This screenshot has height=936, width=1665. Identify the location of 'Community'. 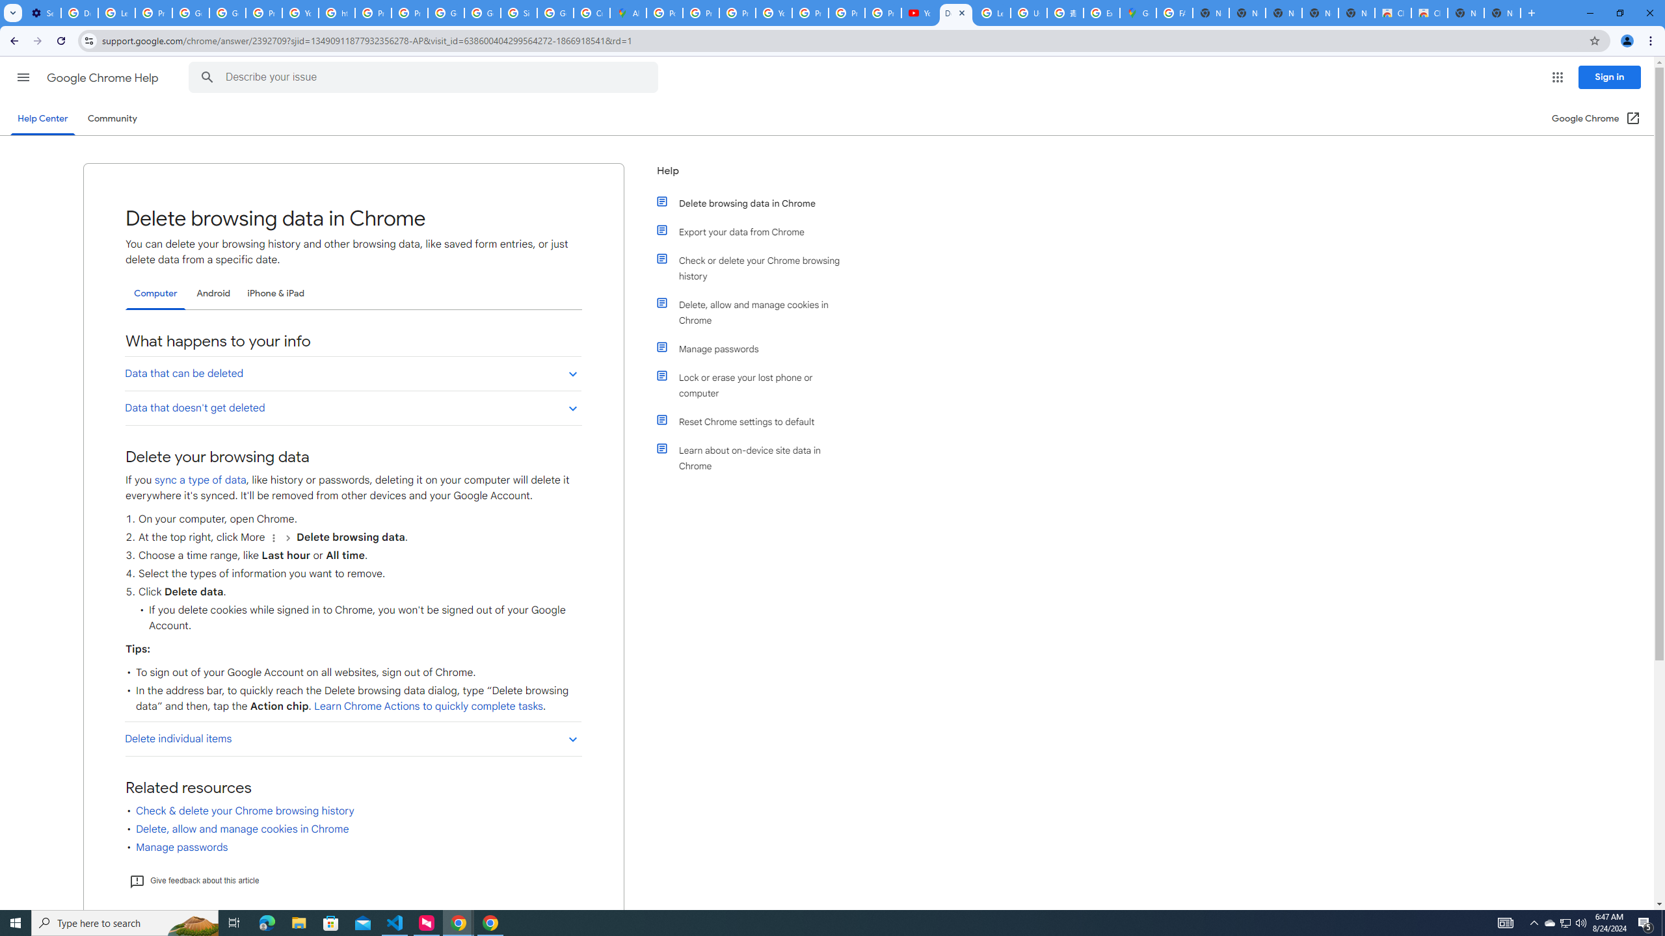
(111, 118).